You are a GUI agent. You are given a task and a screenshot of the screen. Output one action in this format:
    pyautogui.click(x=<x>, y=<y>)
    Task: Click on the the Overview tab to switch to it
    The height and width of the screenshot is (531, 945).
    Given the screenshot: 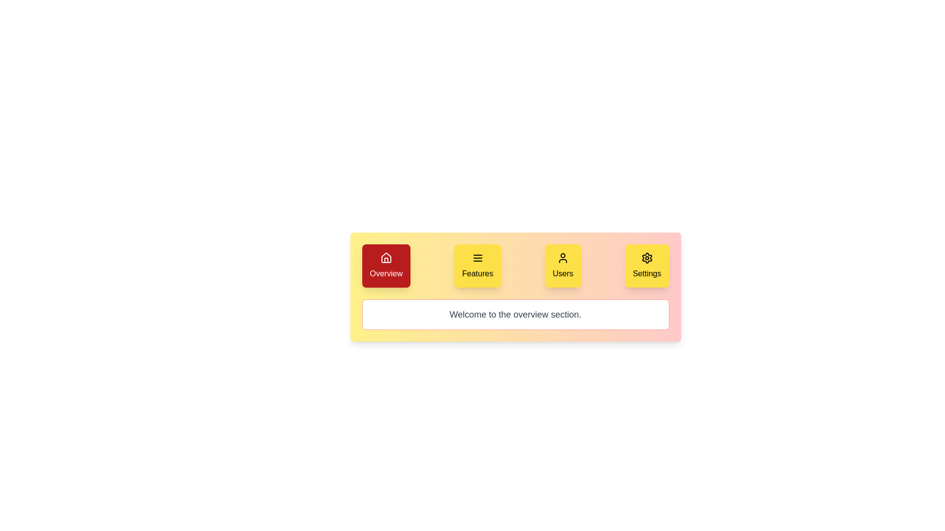 What is the action you would take?
    pyautogui.click(x=385, y=265)
    